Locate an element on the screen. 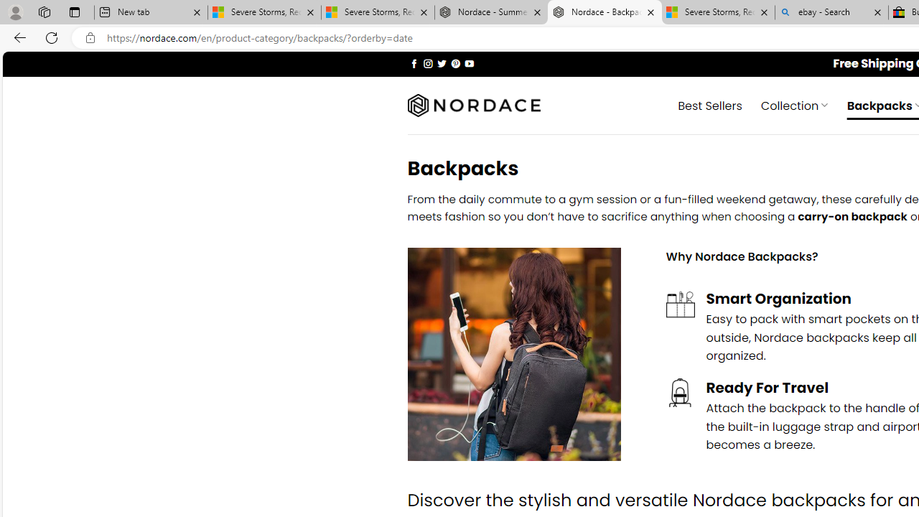 This screenshot has width=919, height=517. 'Follow on Instagram' is located at coordinates (427, 62).